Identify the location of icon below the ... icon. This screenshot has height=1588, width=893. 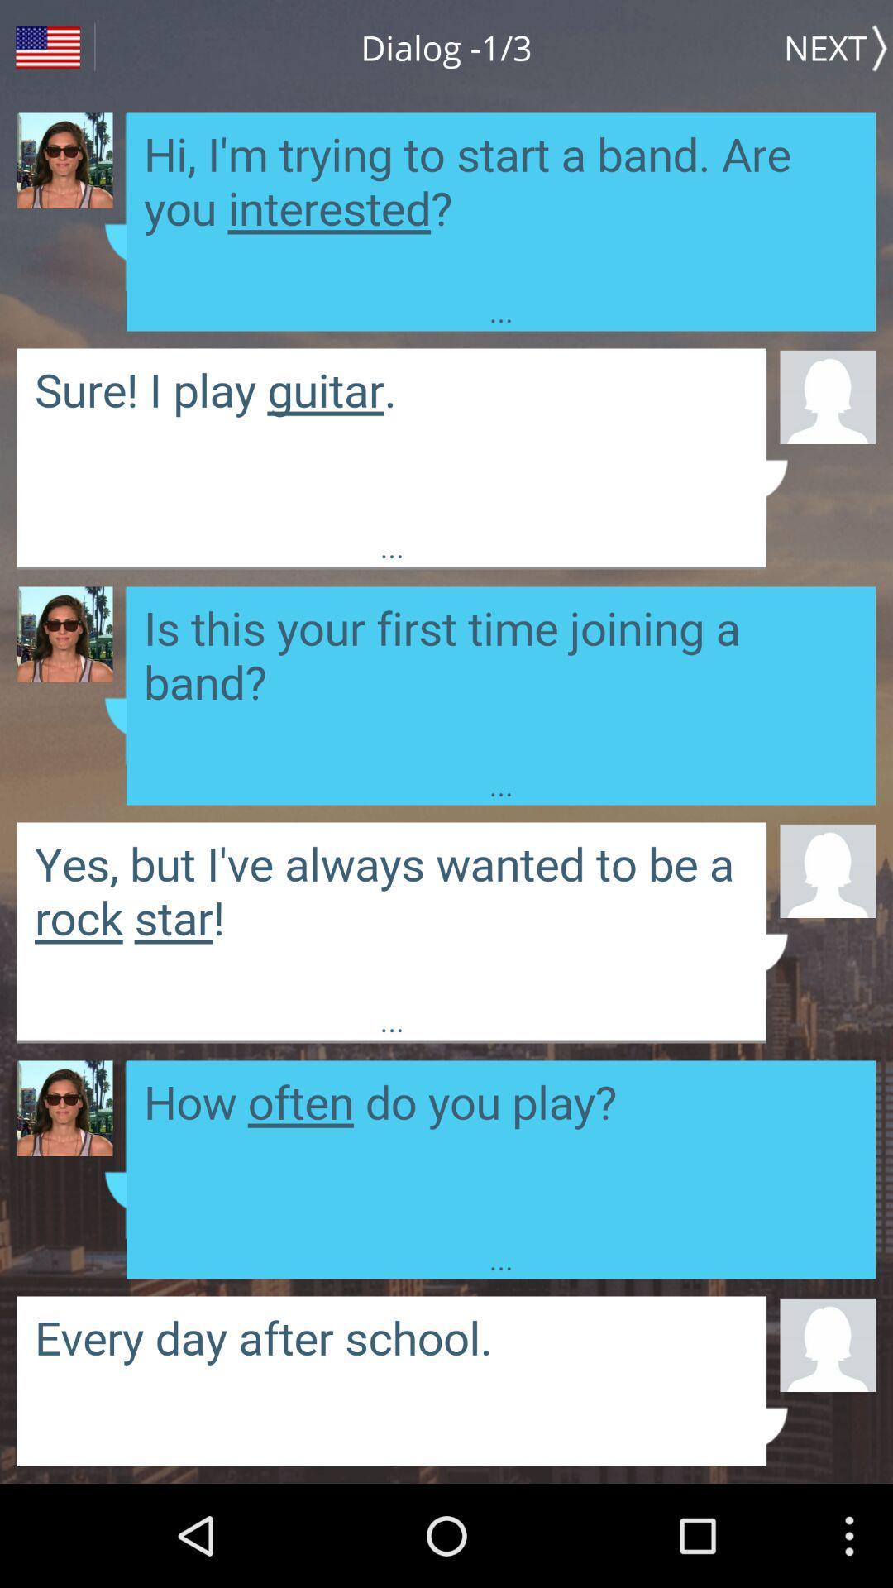
(828, 1344).